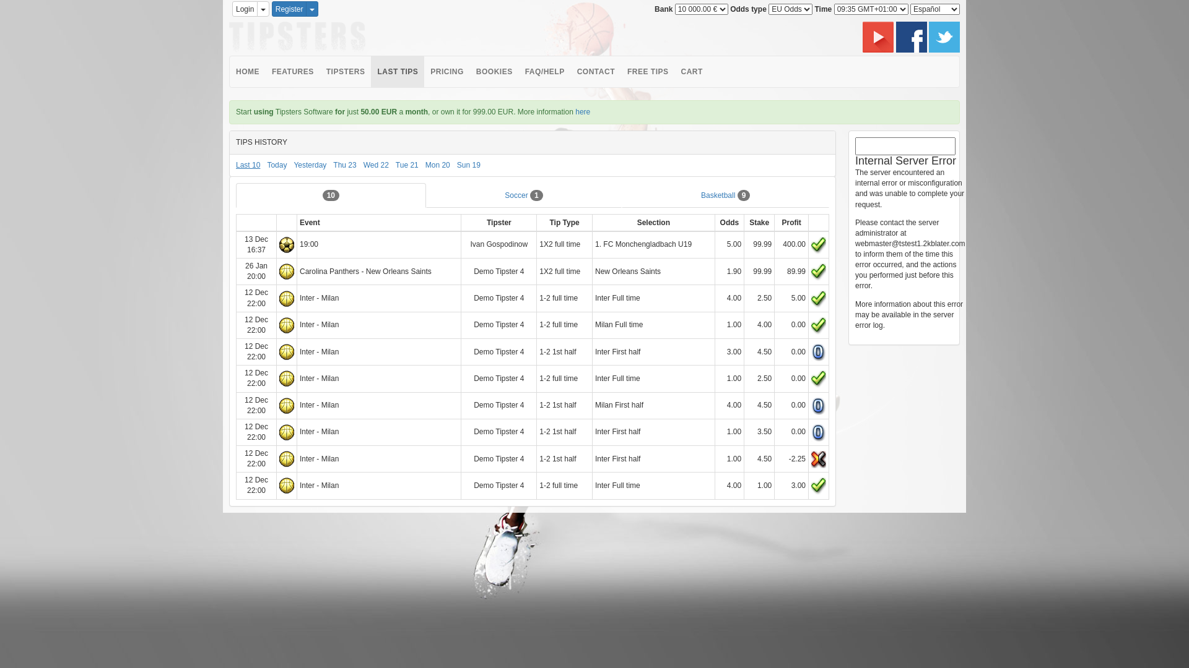 The image size is (1189, 668). What do you see at coordinates (331, 195) in the screenshot?
I see `'10'` at bounding box center [331, 195].